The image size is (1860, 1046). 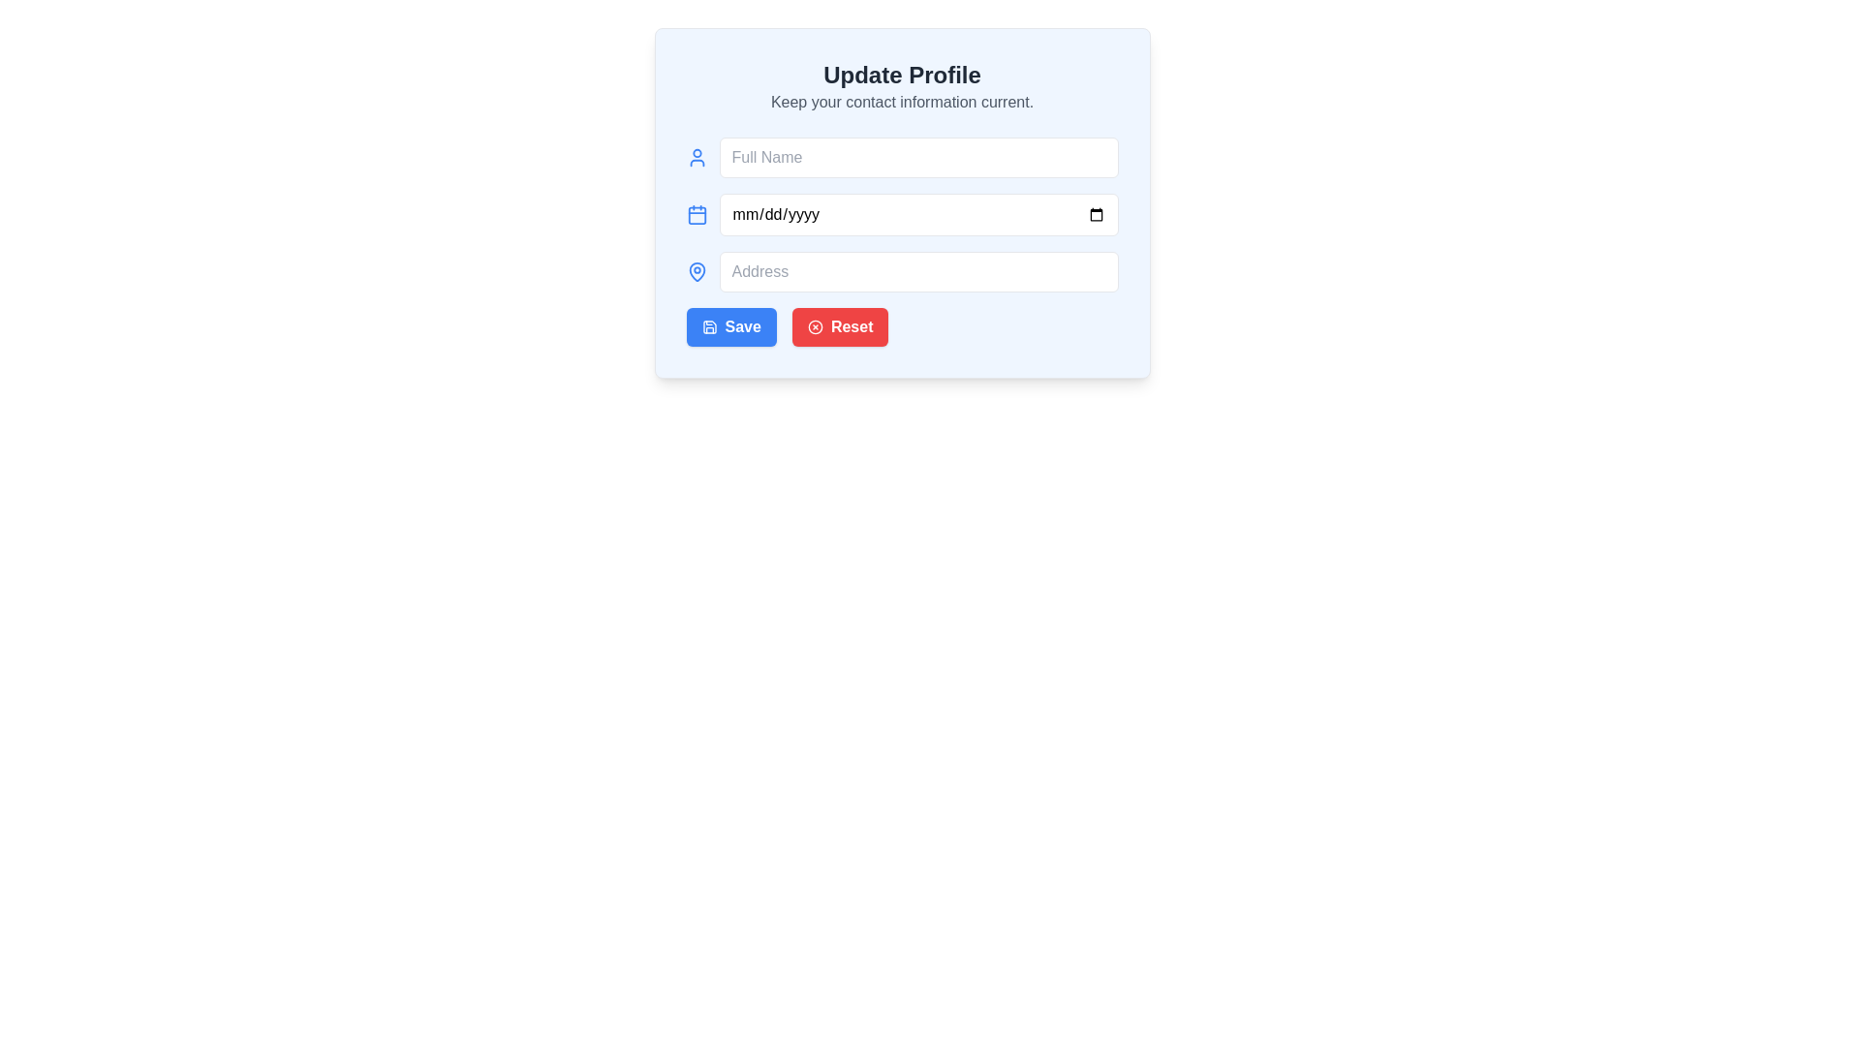 I want to click on the blue floppy disk icon located to the left of the 'Save' button in the form UI, so click(x=708, y=326).